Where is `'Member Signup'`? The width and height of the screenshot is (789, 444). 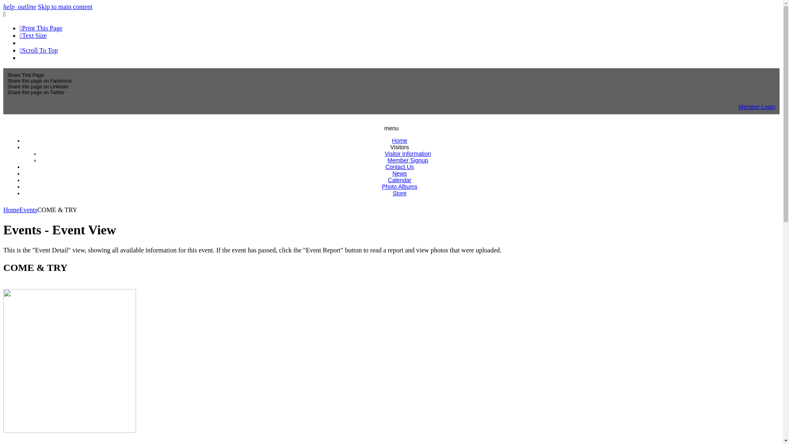 'Member Signup' is located at coordinates (408, 160).